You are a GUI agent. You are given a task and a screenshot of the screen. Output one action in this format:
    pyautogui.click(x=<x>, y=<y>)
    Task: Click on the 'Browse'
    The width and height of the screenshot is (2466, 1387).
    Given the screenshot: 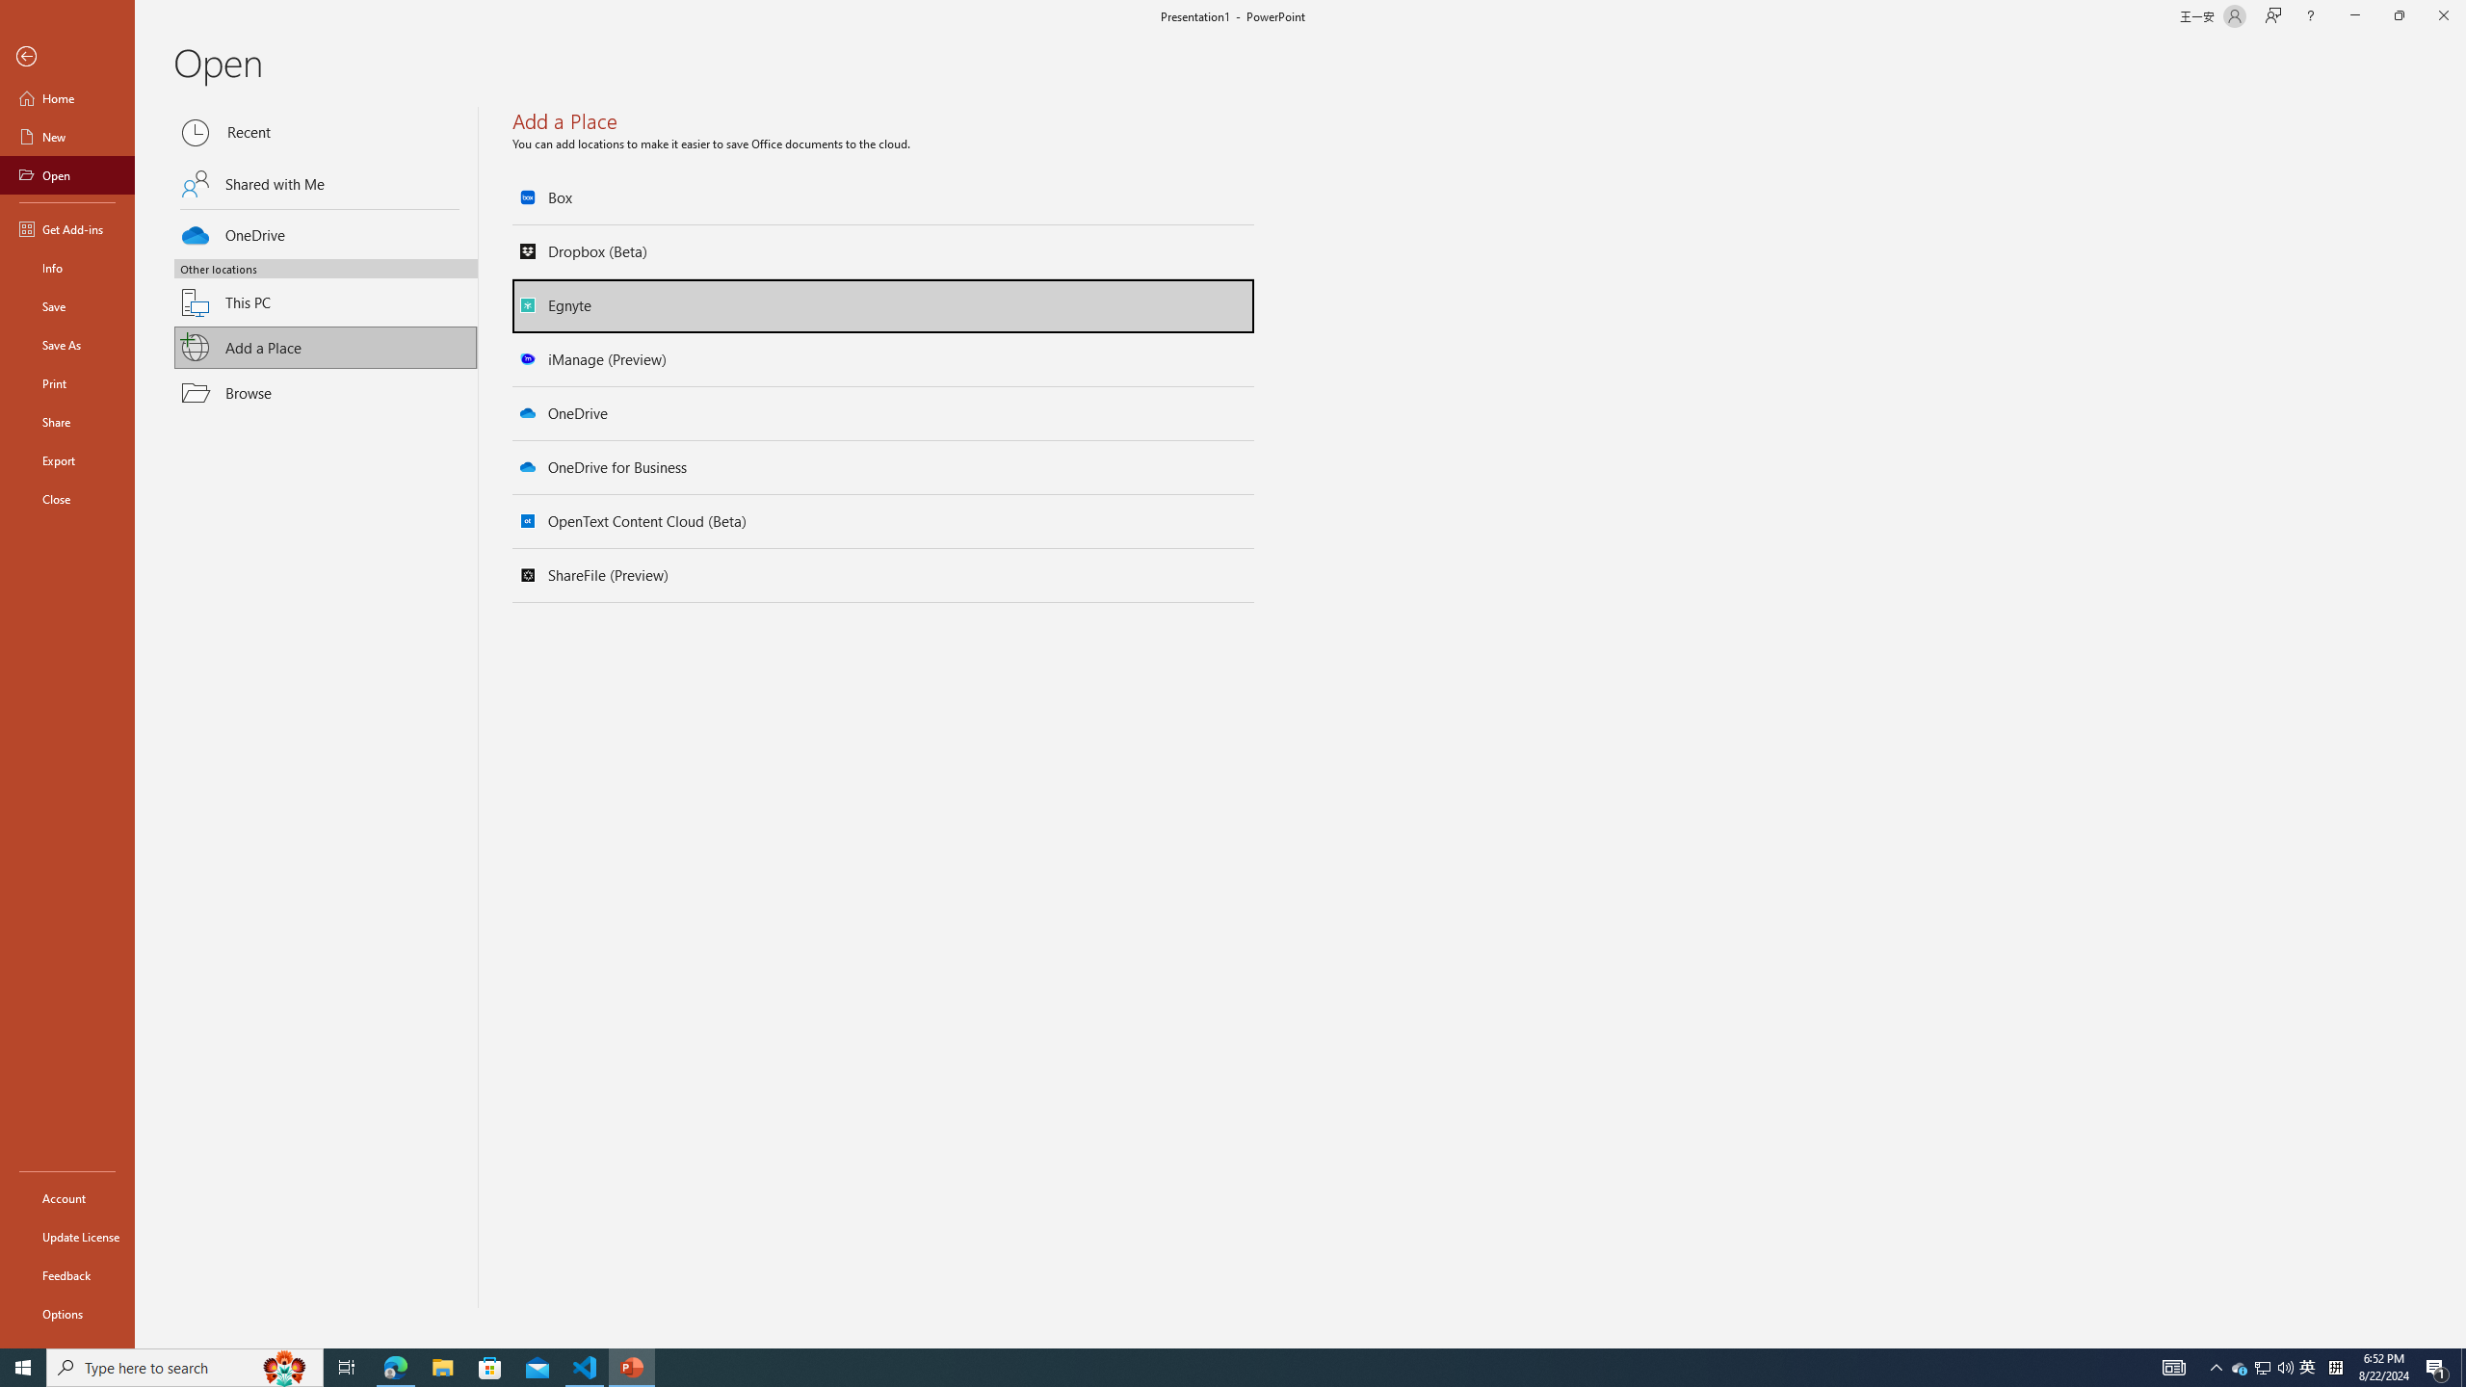 What is the action you would take?
    pyautogui.click(x=326, y=392)
    